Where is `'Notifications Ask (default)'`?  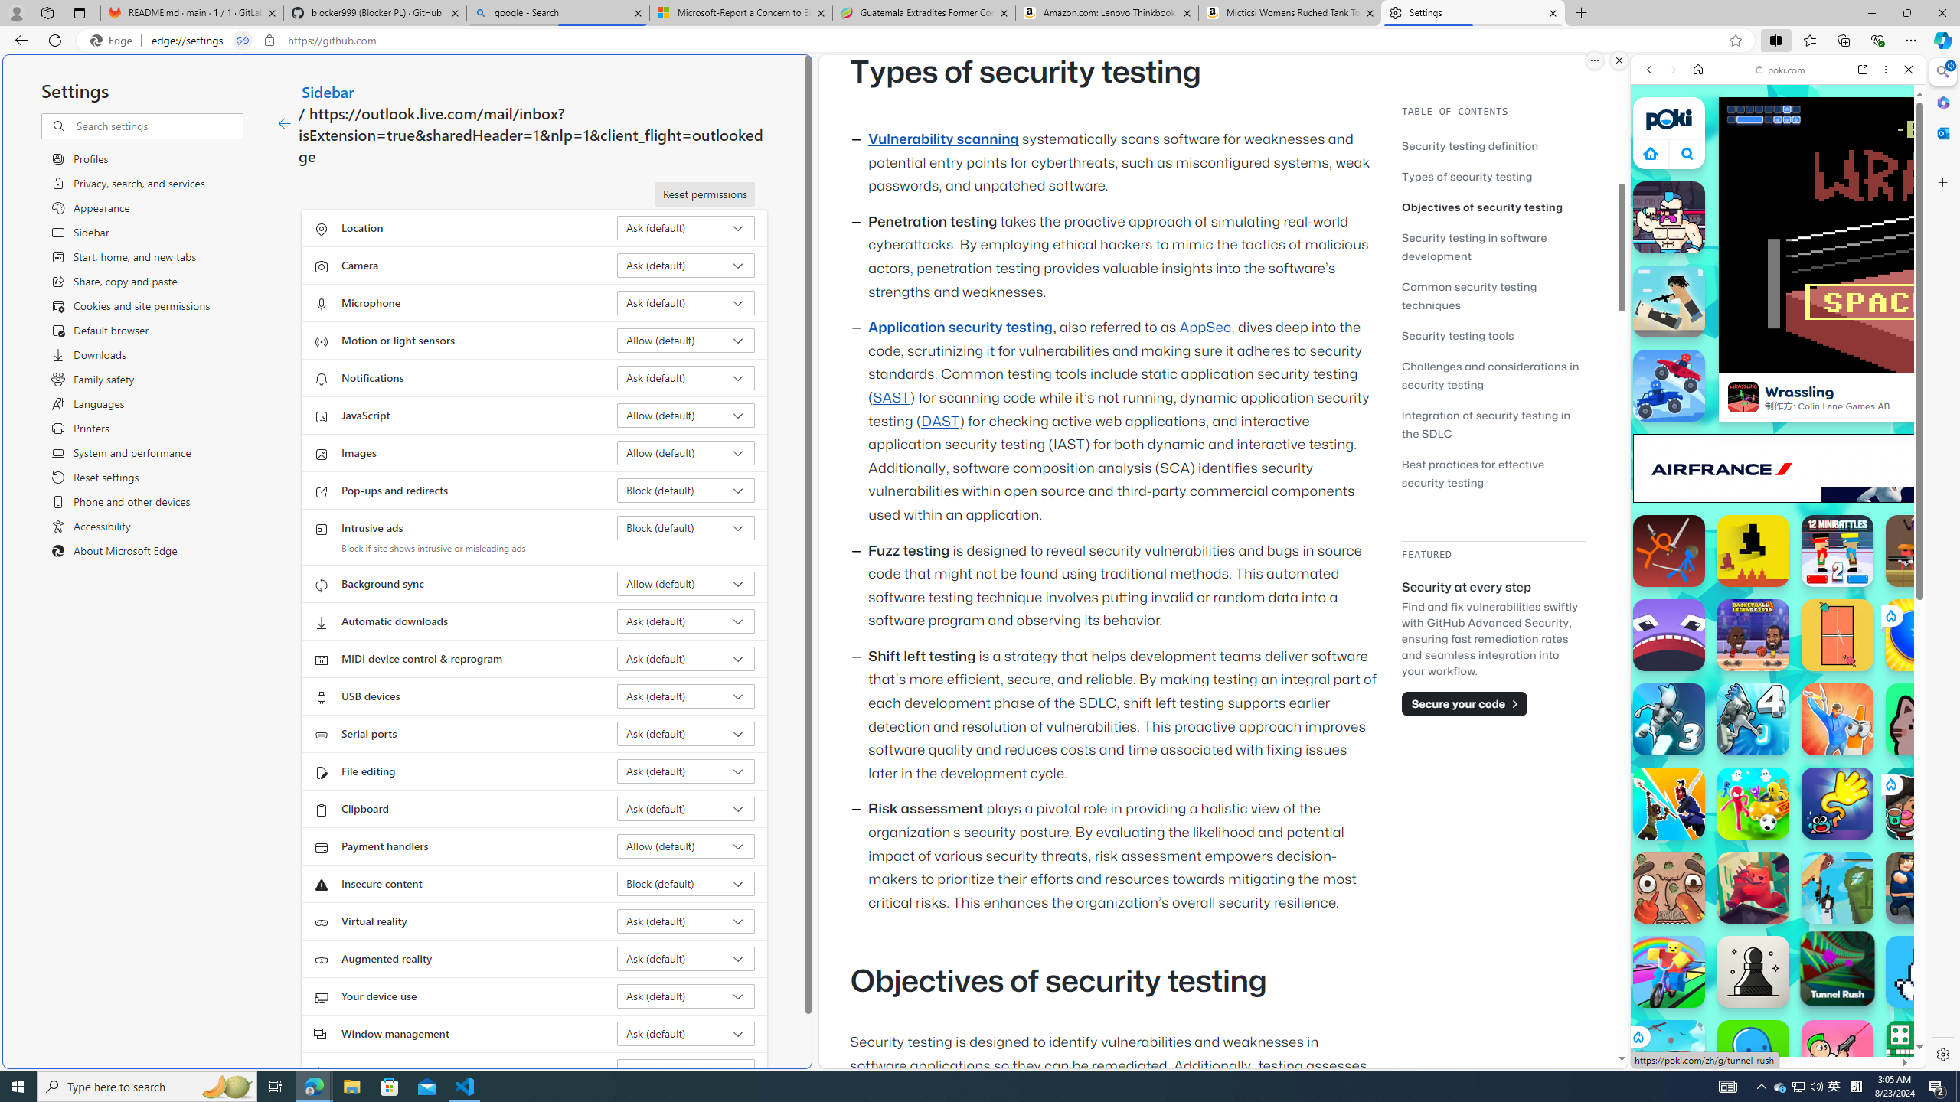 'Notifications Ask (default)' is located at coordinates (686, 377).